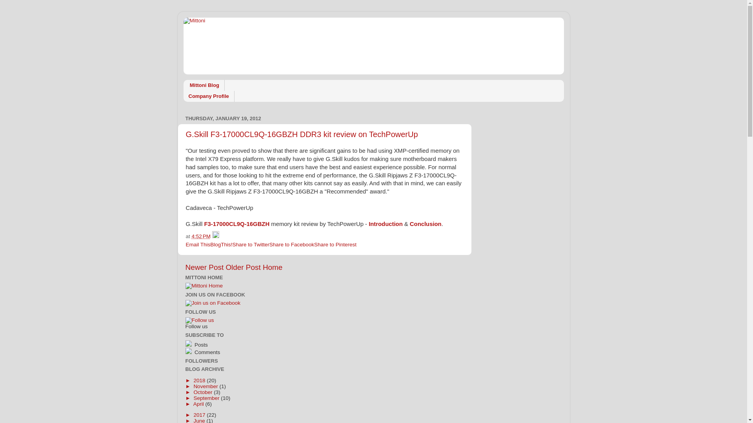  What do you see at coordinates (386, 224) in the screenshot?
I see `'Introduction'` at bounding box center [386, 224].